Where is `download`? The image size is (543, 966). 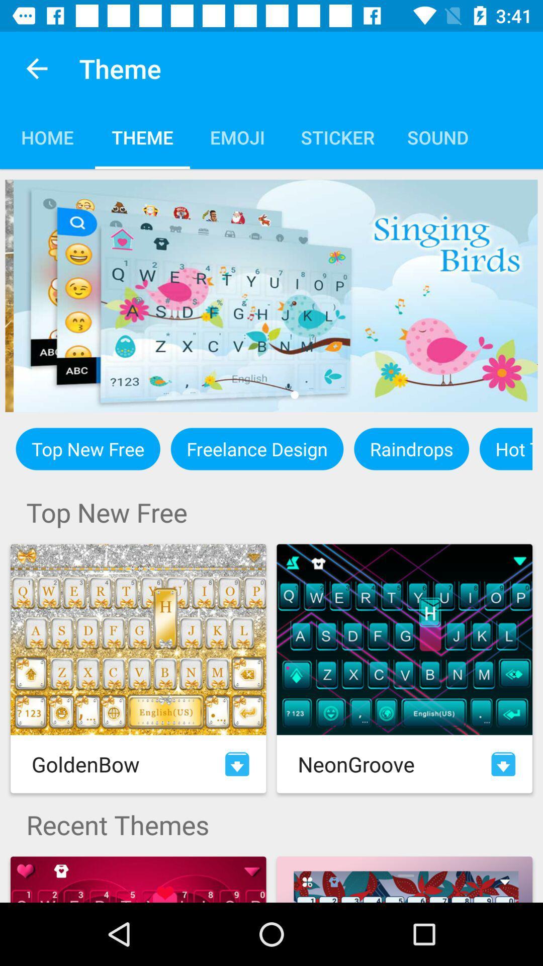
download is located at coordinates (237, 764).